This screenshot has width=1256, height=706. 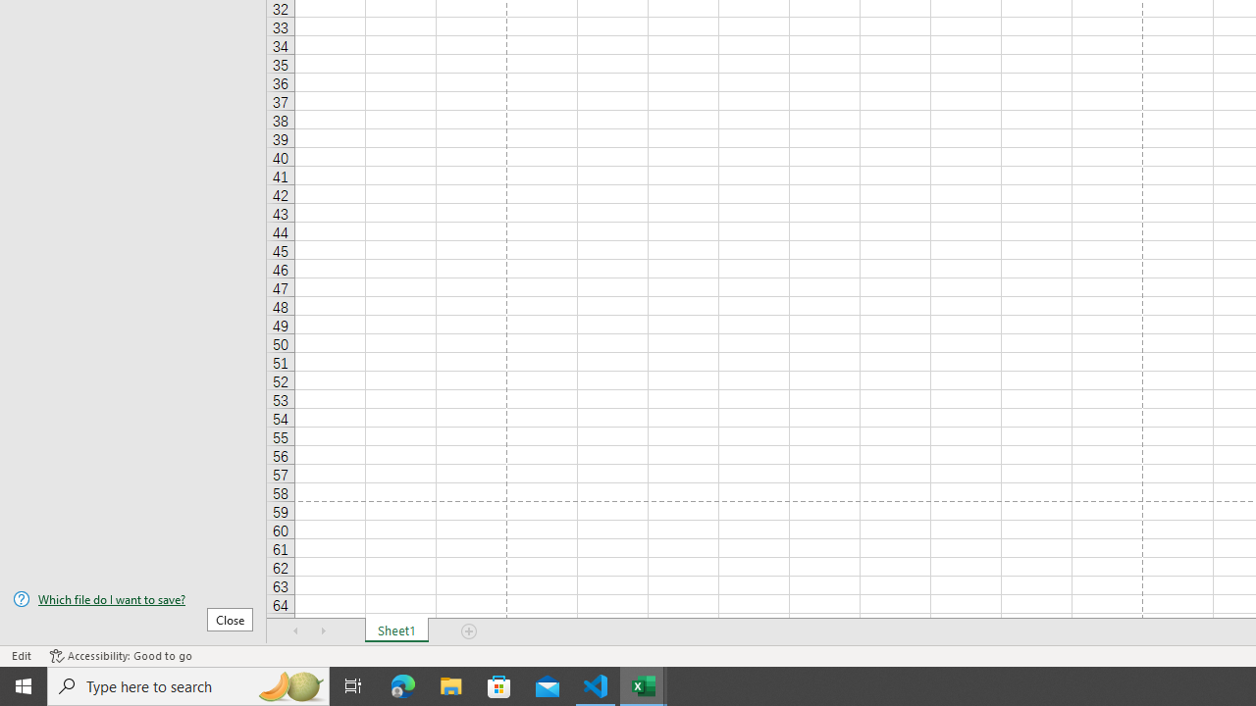 What do you see at coordinates (395, 631) in the screenshot?
I see `'Sheet1'` at bounding box center [395, 631].